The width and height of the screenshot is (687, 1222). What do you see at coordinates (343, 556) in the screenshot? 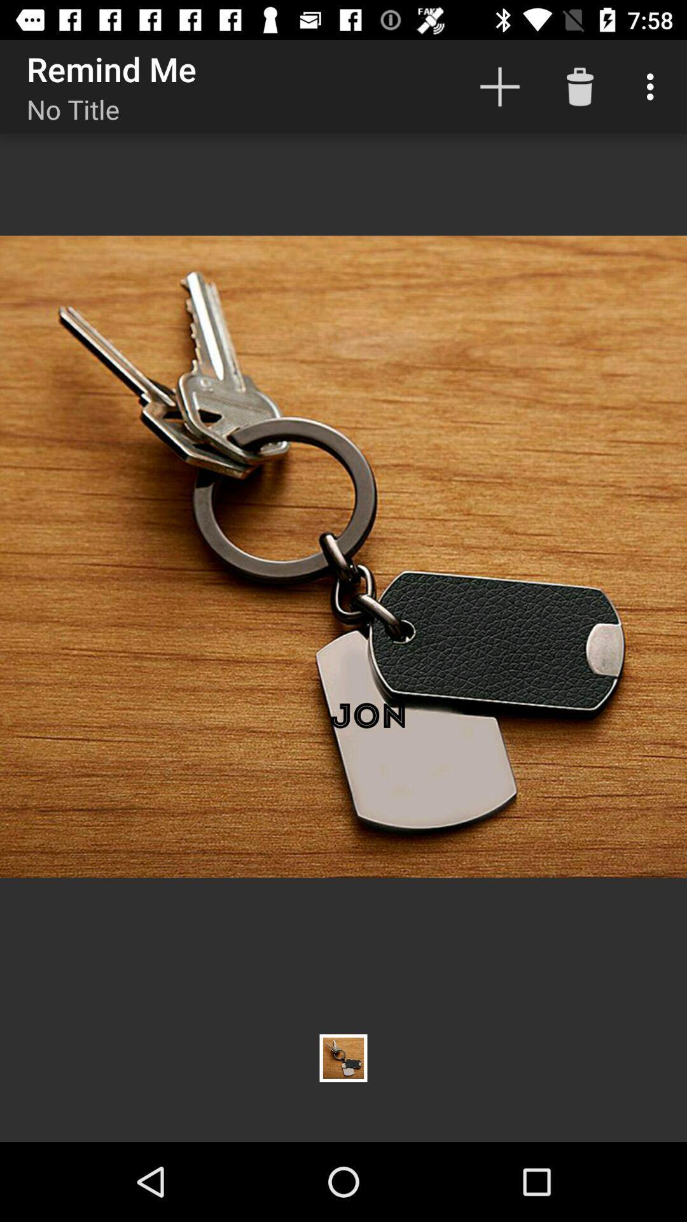
I see `the icon below the no title icon` at bounding box center [343, 556].